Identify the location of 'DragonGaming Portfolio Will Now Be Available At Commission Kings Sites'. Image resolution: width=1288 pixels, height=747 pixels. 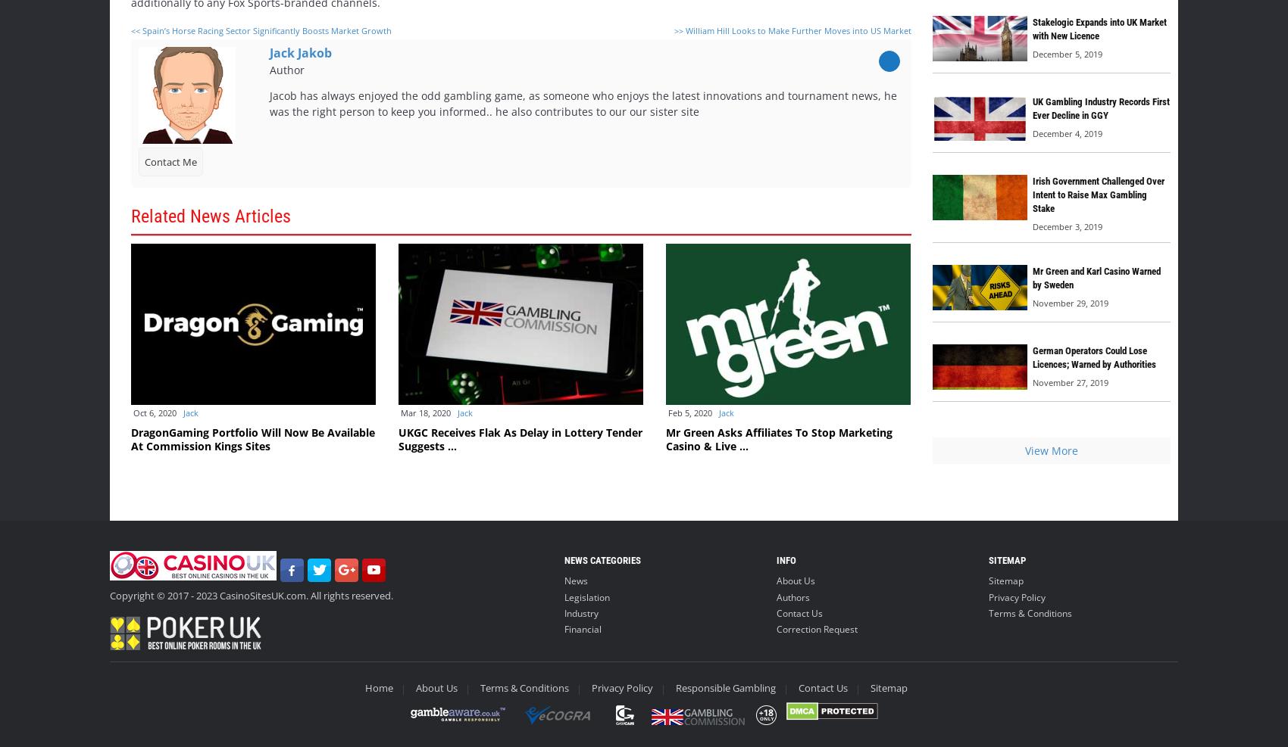
(252, 437).